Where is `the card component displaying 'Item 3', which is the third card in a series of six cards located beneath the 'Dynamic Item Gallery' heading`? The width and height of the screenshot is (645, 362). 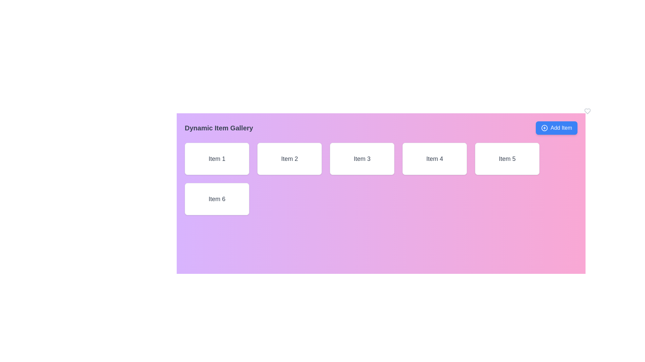
the card component displaying 'Item 3', which is the third card in a series of six cards located beneath the 'Dynamic Item Gallery' heading is located at coordinates (362, 159).